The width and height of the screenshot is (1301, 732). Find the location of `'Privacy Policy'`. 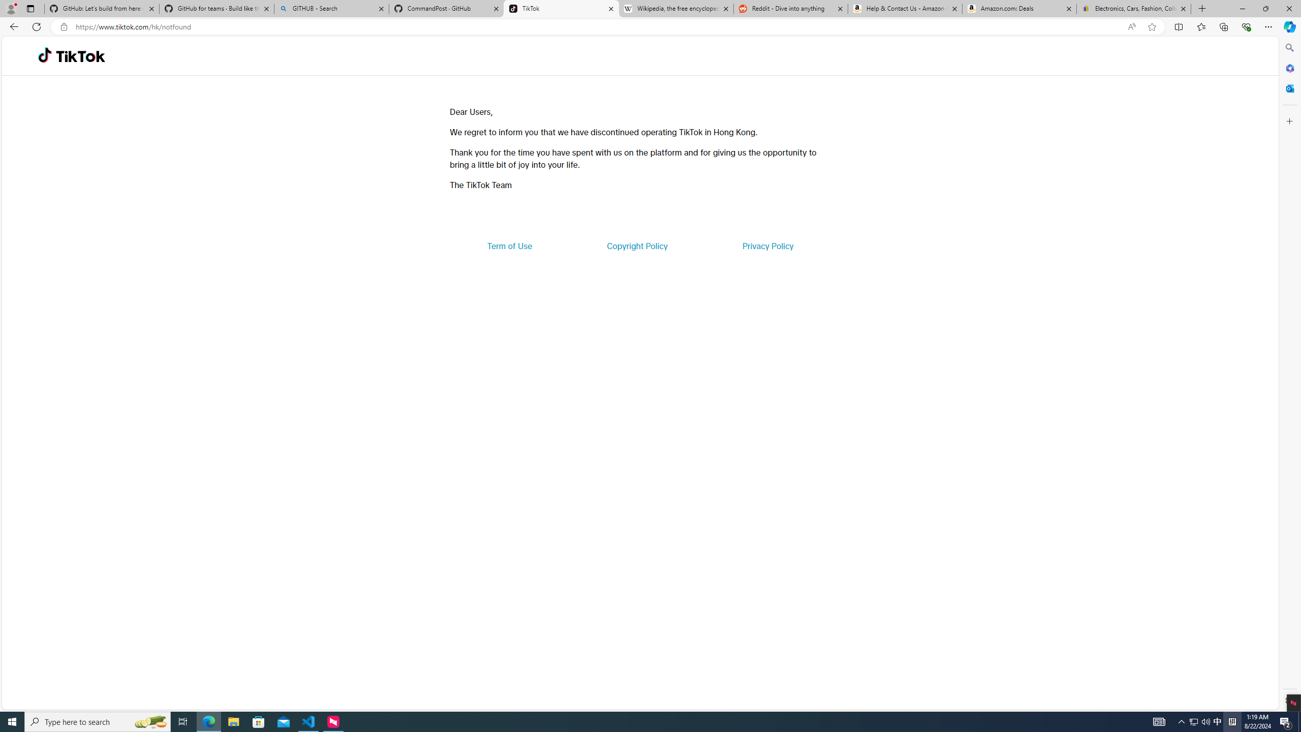

'Privacy Policy' is located at coordinates (767, 245).